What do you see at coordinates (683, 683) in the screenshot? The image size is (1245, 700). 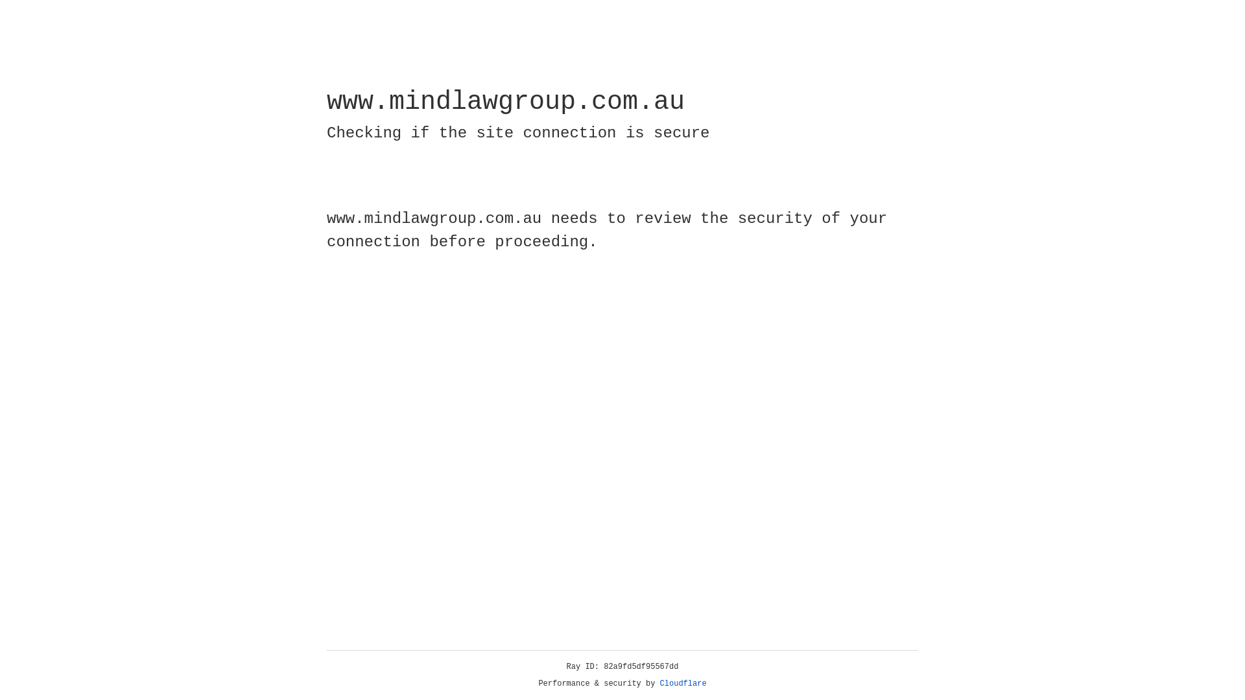 I see `'Cloudflare'` at bounding box center [683, 683].